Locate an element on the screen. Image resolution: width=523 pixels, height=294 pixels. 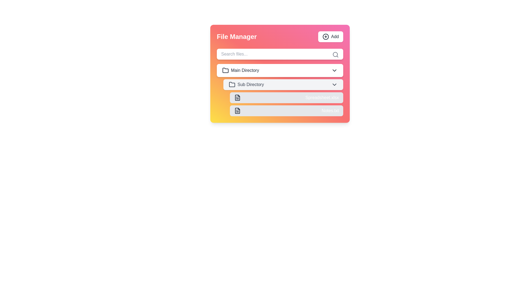
the text label indicating the file manager component, which is positioned at the top left of the widget, before the 'Add' button is located at coordinates (237, 37).